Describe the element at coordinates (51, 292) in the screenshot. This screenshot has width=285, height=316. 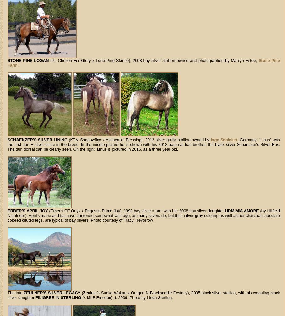
I see `'ZEULNER'S SILVER LEGACY'` at that location.